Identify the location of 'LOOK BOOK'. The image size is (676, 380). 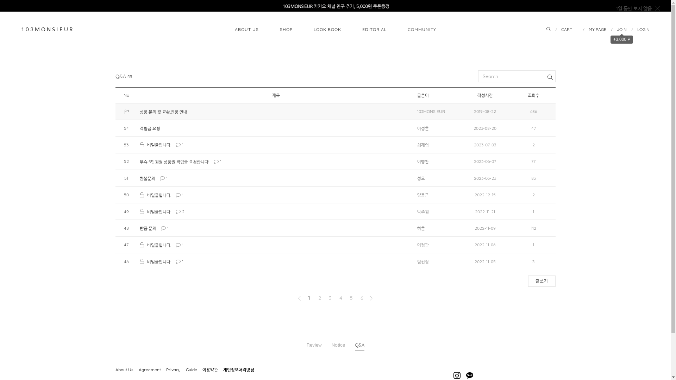
(327, 29).